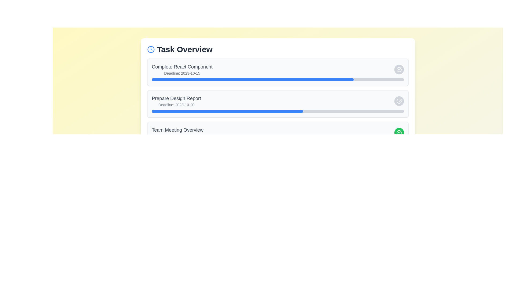  What do you see at coordinates (182, 67) in the screenshot?
I see `the static text label that displays the title of a task, located above the 'Deadline: 2023-10-15' text in the 'Task Overview' section` at bounding box center [182, 67].